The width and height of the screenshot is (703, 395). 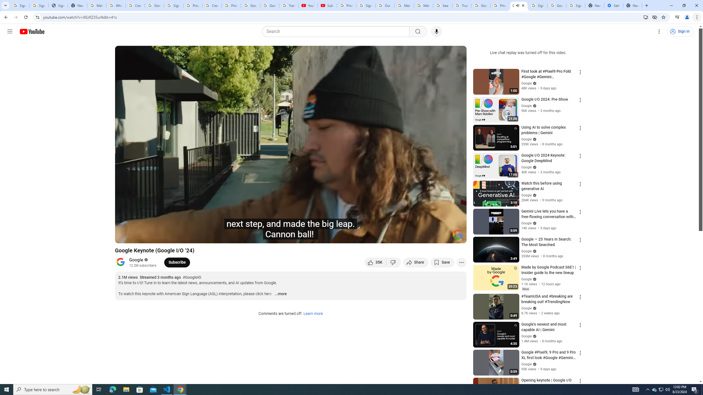 I want to click on 'Guide', so click(x=9, y=31).